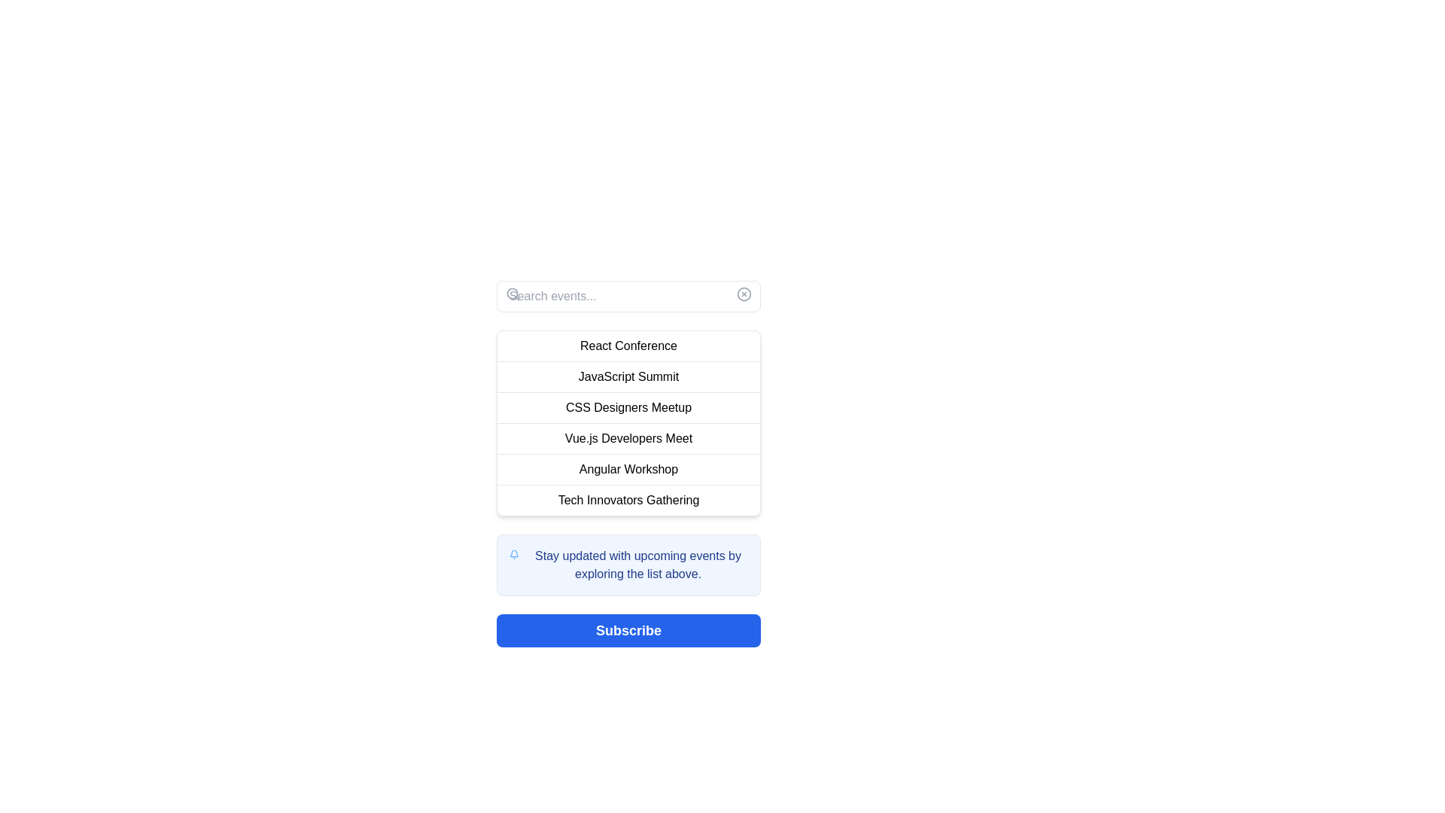 The image size is (1445, 813). What do you see at coordinates (628, 438) in the screenshot?
I see `to select the text label displaying 'Vue.js Developers Meet', which is the fourth entry in a vertically arranged list of six items` at bounding box center [628, 438].